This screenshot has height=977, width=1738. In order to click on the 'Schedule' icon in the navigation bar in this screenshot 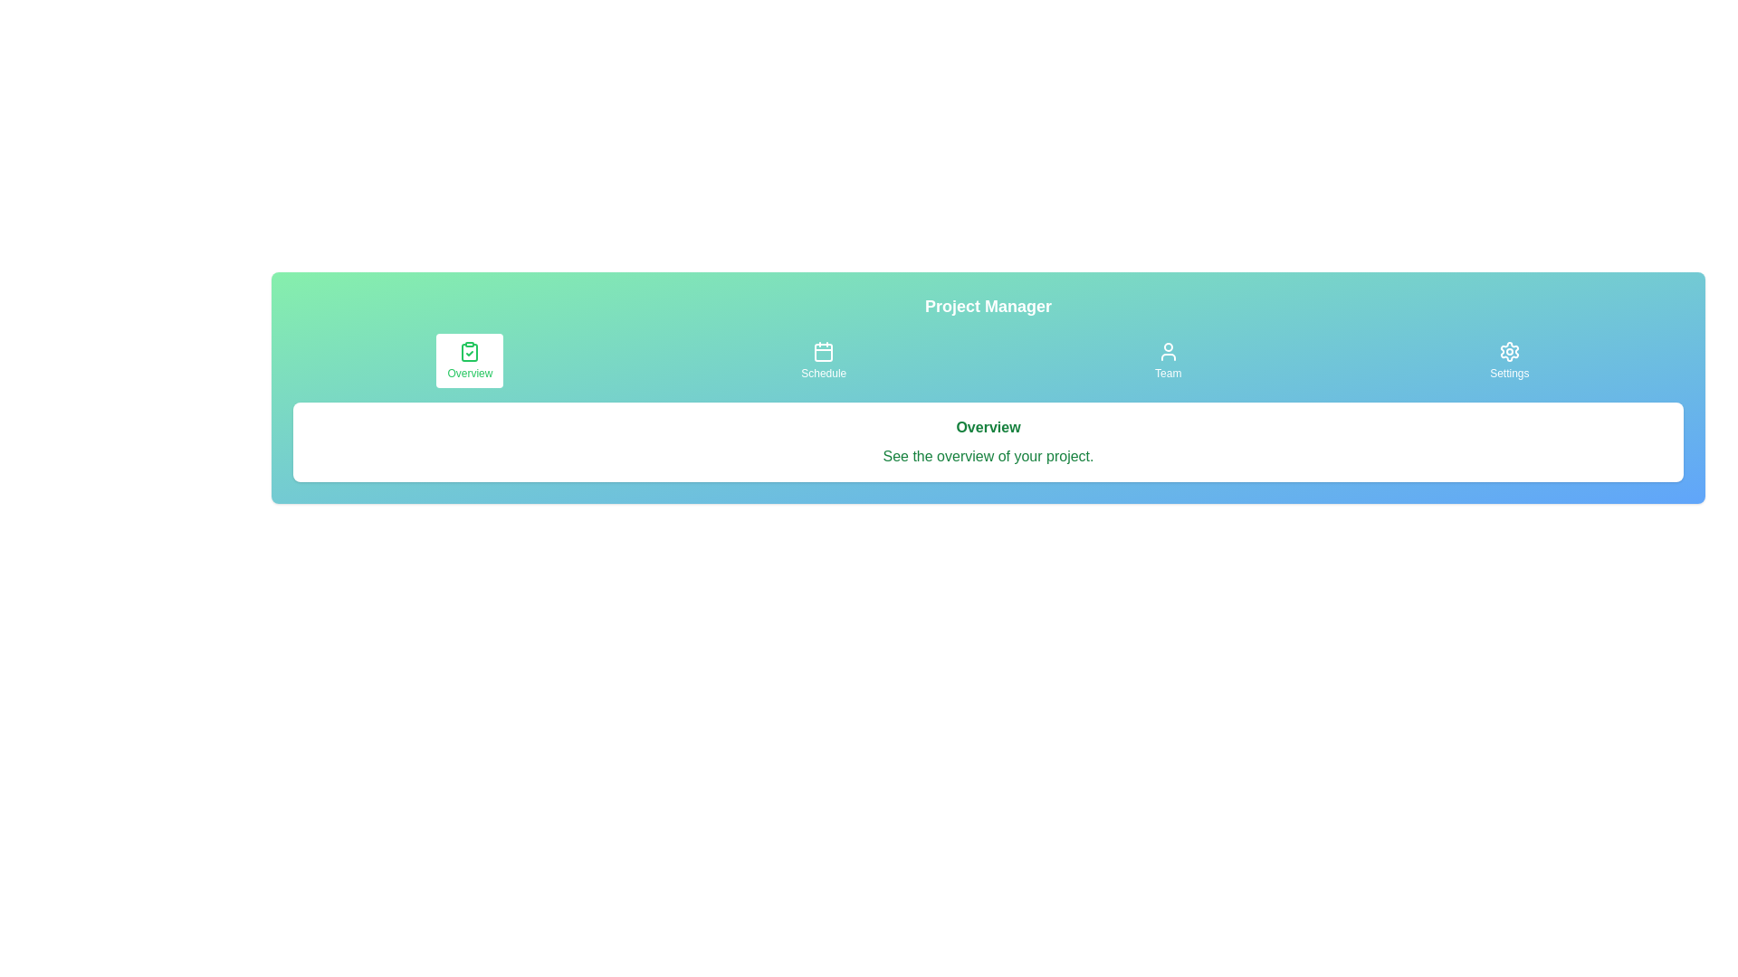, I will do `click(823, 352)`.